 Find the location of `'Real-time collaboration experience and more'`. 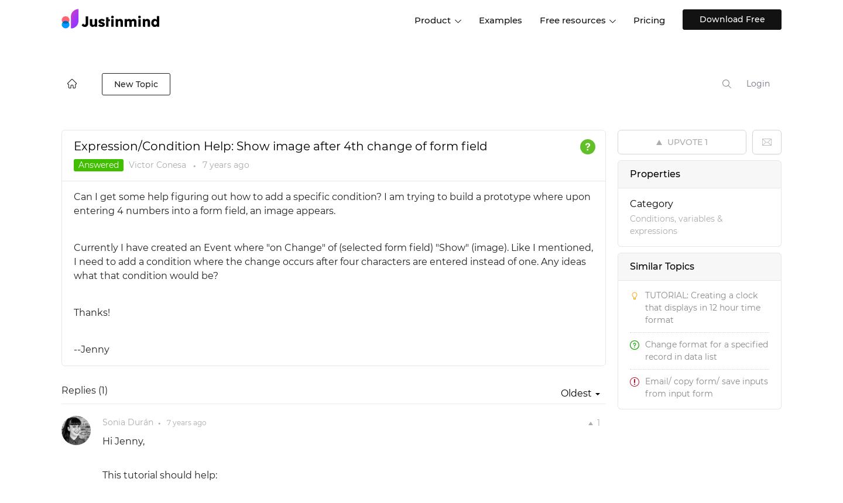

'Real-time collaboration experience and more' is located at coordinates (488, 277).